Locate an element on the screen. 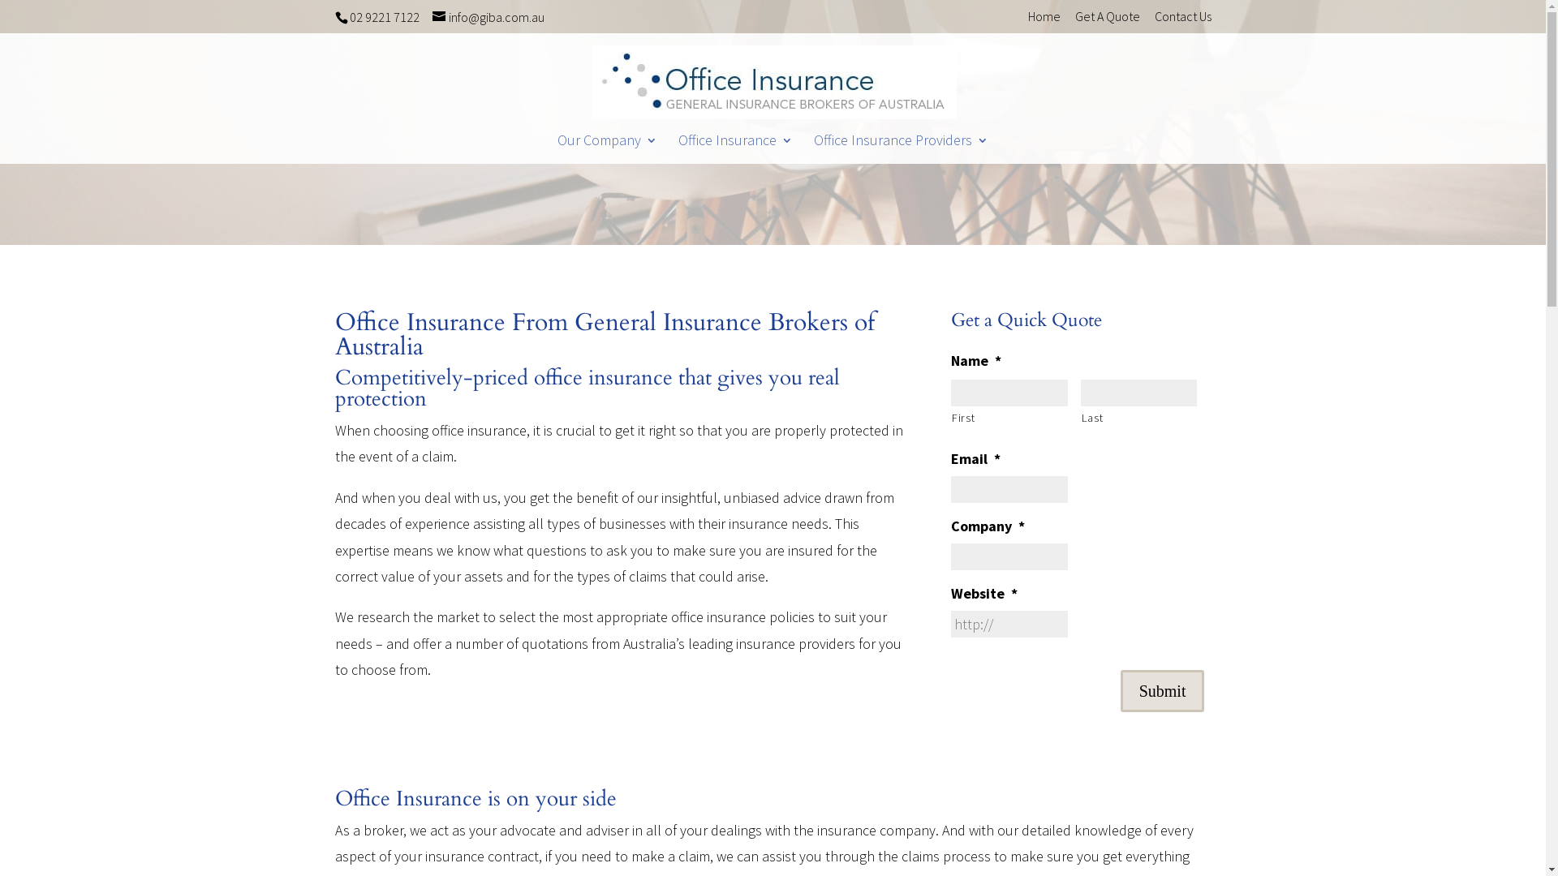  'Submit' is located at coordinates (1162, 691).